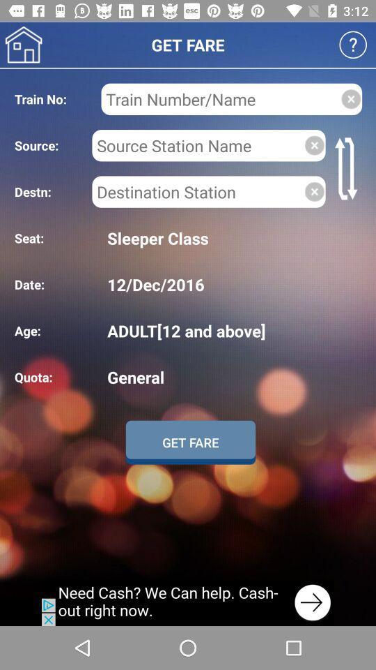  What do you see at coordinates (197, 191) in the screenshot?
I see `information` at bounding box center [197, 191].